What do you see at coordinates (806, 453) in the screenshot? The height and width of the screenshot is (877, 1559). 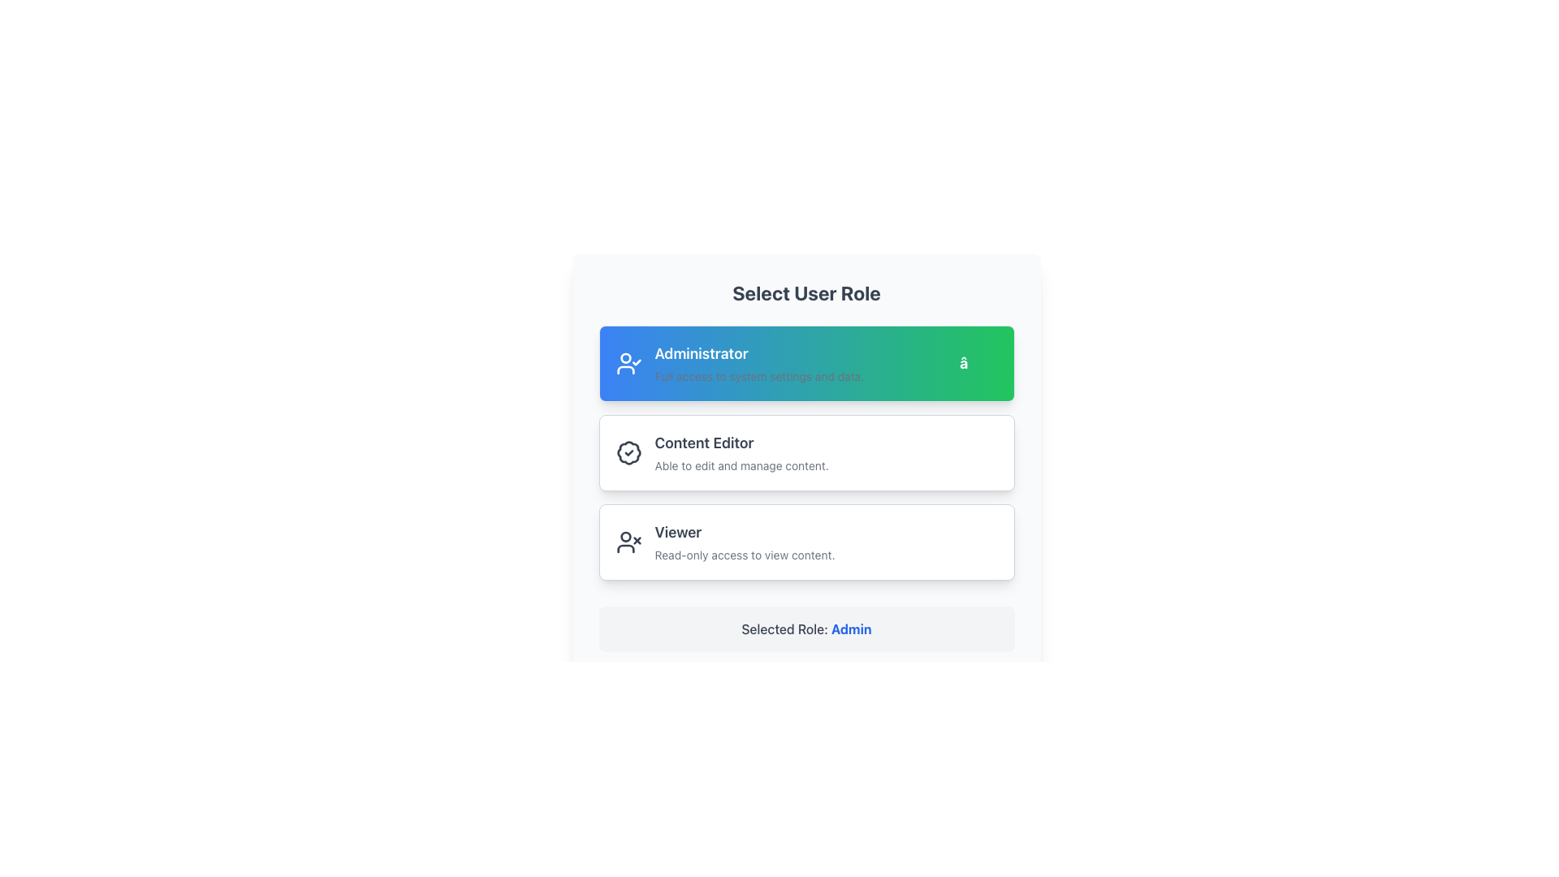 I see `the selectable card for the 'Content Editor' role, which is the second item in a vertically stacked group of roles` at bounding box center [806, 453].